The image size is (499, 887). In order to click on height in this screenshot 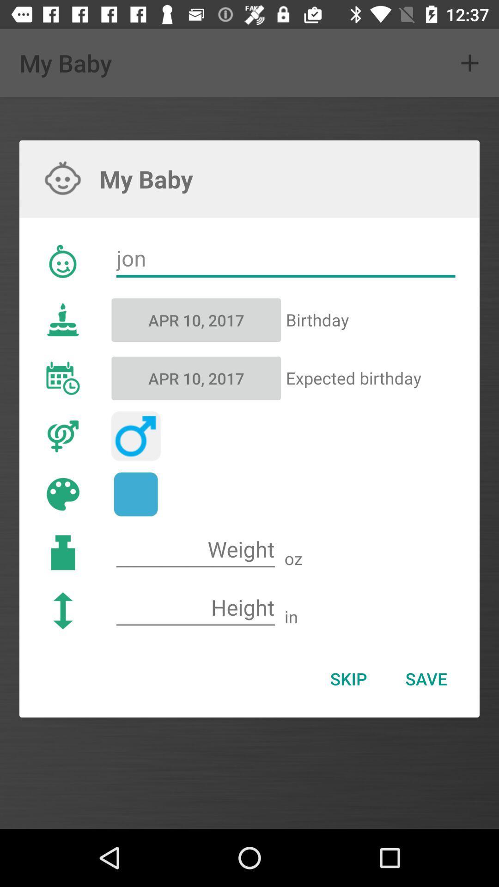, I will do `click(195, 608)`.